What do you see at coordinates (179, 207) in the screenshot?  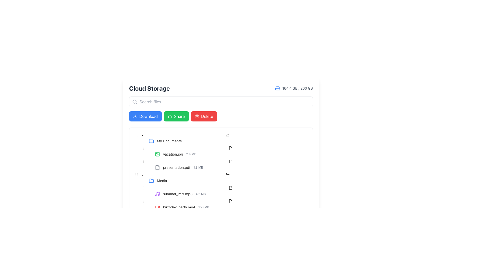 I see `the static text representing the video file name 'birthday_party.mp4' located in the 'Media' folder section, which is the last listed item in that section` at bounding box center [179, 207].